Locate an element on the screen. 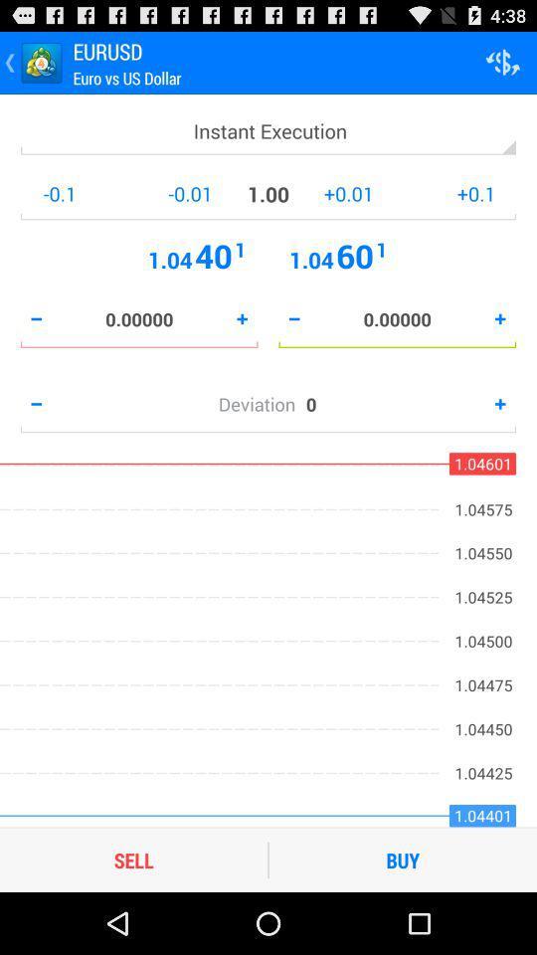  sell is located at coordinates (133, 859).